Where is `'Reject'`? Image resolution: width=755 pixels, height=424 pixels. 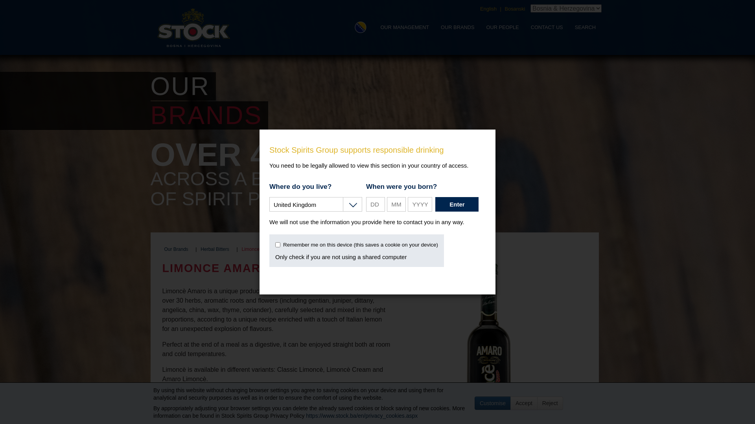 'Reject' is located at coordinates (549, 403).